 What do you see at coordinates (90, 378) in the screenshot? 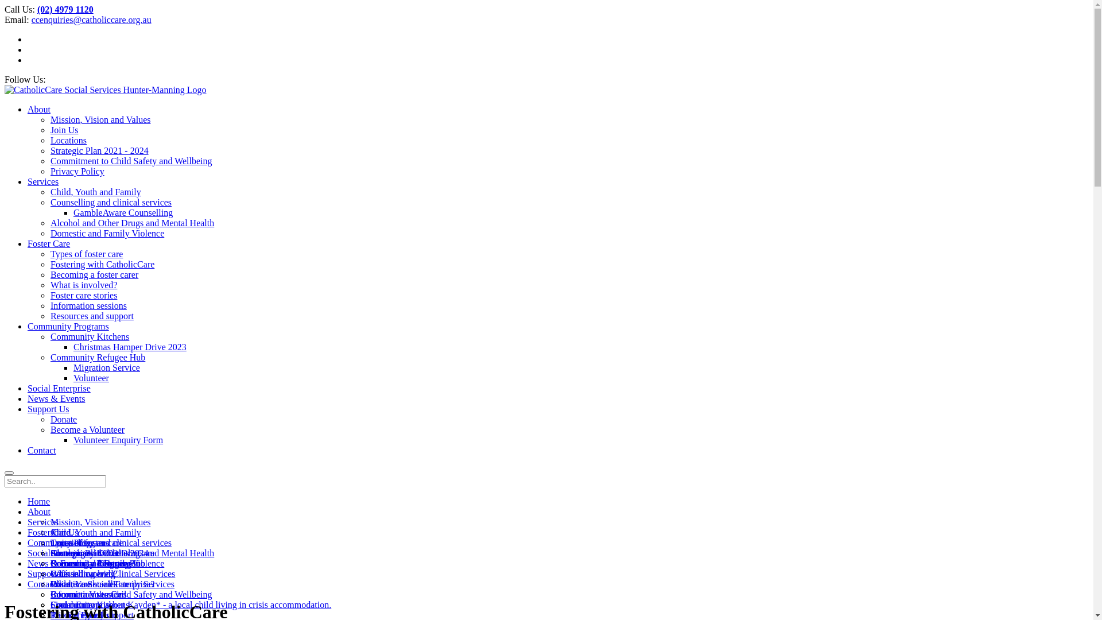
I see `'Volunteer'` at bounding box center [90, 378].